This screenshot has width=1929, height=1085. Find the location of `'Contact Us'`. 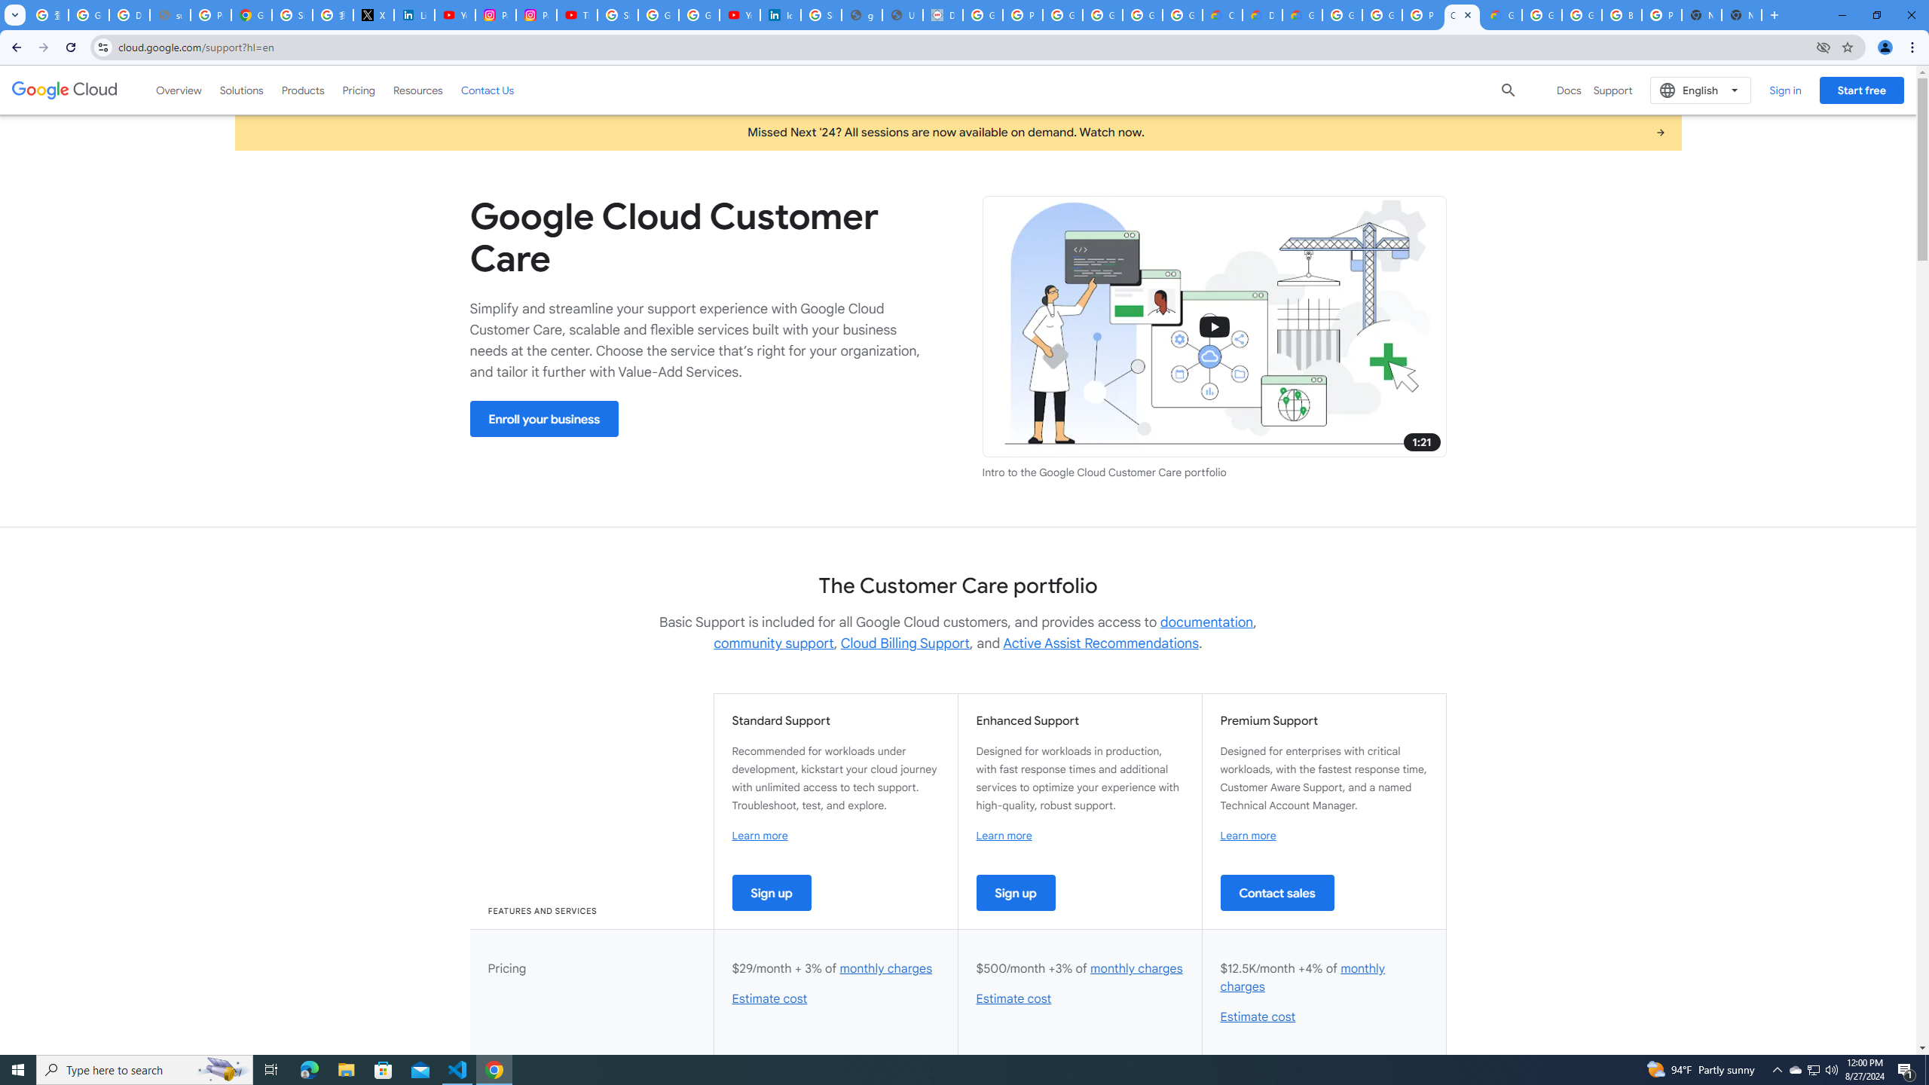

'Contact Us' is located at coordinates (488, 90).